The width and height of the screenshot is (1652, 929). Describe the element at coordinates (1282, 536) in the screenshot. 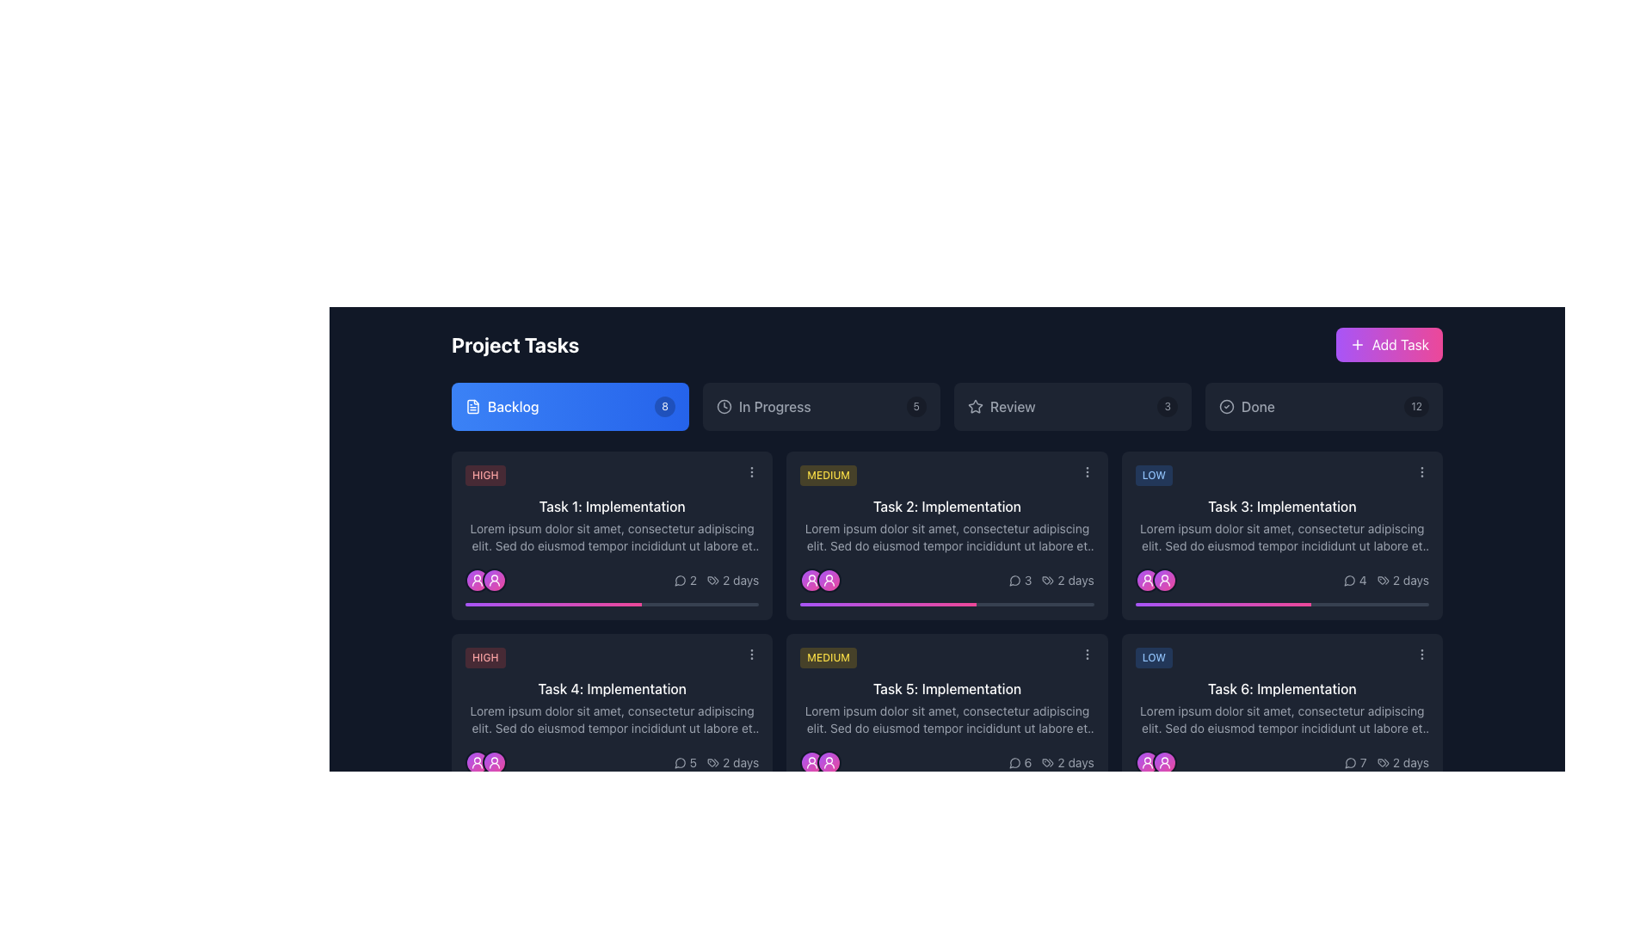

I see `gray text block displaying 'Lorem ipsum dolor sit amet, consectetur adipiscing elit. Sed do eiusmod tempor incididunt ut labore et dolore magna aliqua.' located under the title 'Task 3: Implementation' in the 'LOW' category within the card in the rightmost column of the 'Backlog' section` at that location.